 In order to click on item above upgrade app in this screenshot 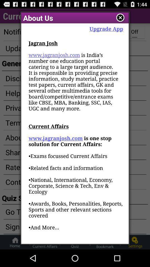, I will do `click(120, 18)`.